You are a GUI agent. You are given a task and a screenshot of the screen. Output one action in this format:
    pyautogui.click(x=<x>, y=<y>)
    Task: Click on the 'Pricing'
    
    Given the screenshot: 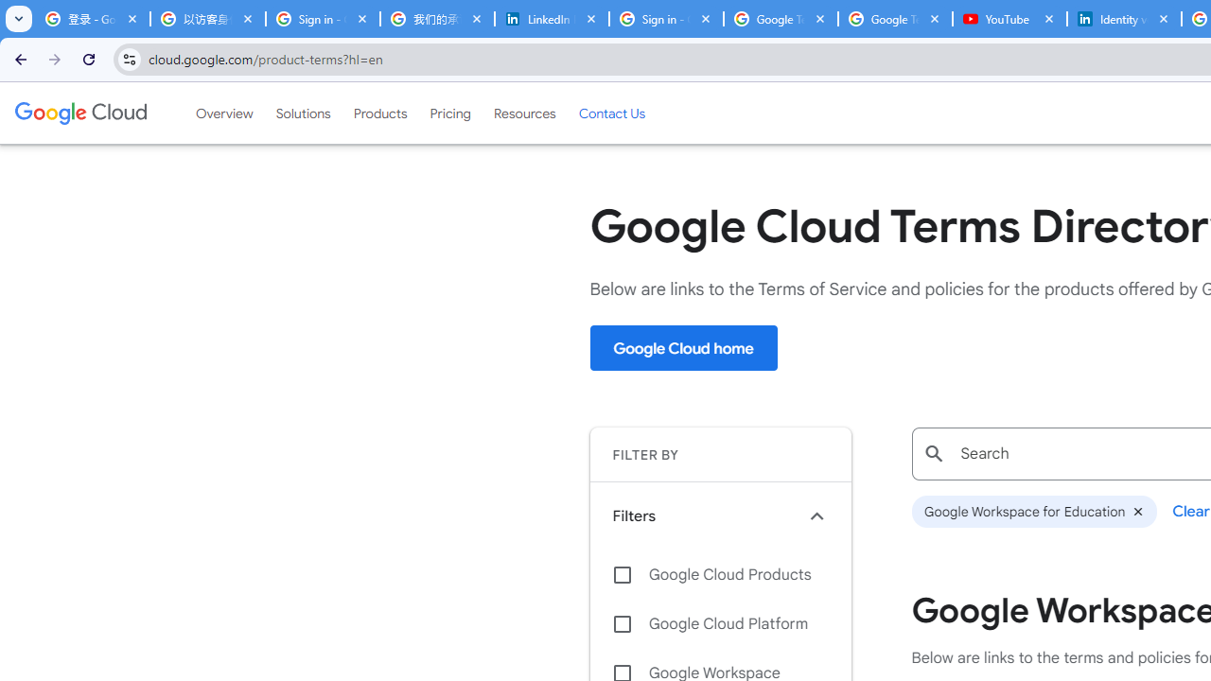 What is the action you would take?
    pyautogui.click(x=449, y=113)
    